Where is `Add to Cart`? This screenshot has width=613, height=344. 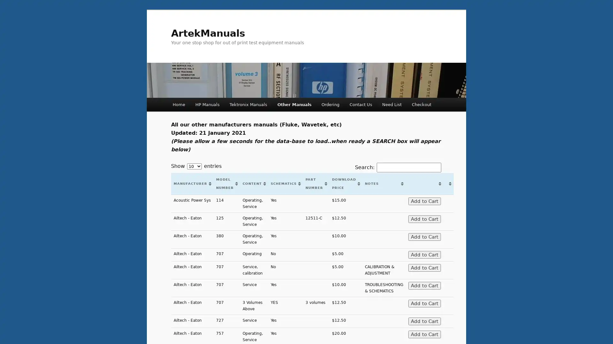 Add to Cart is located at coordinates (424, 285).